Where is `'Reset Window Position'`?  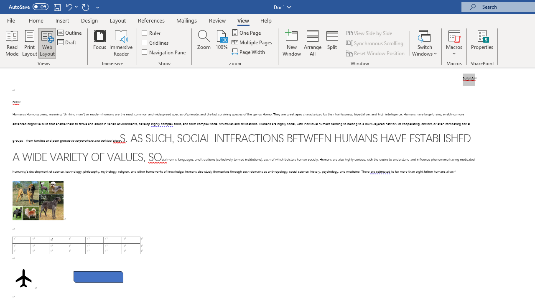
'Reset Window Position' is located at coordinates (376, 53).